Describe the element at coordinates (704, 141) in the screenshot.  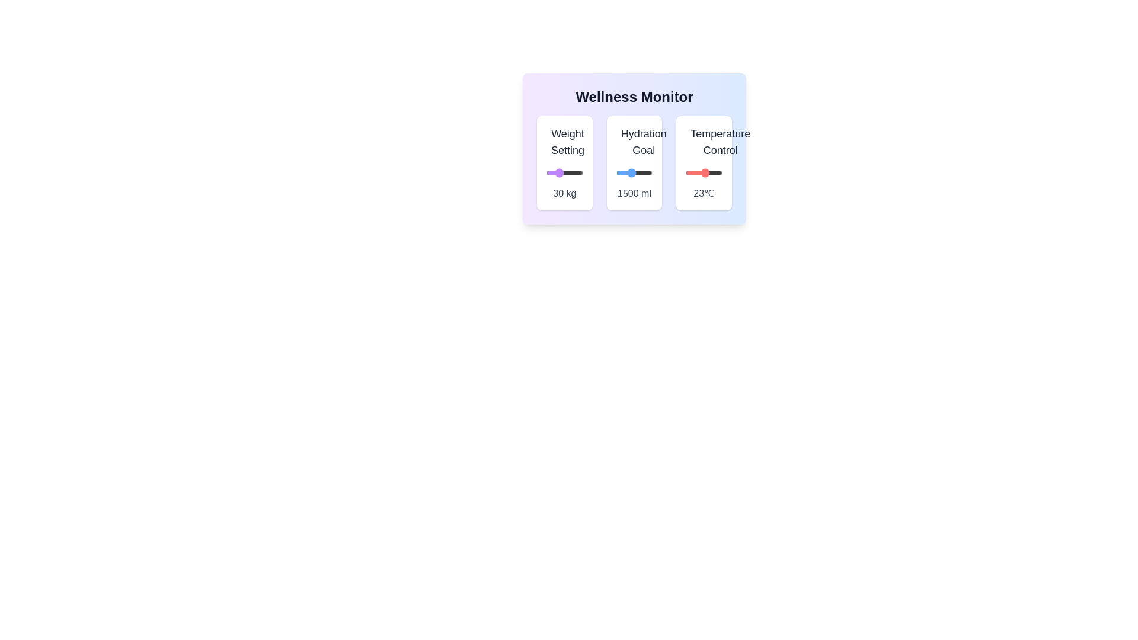
I see `the Text Label that describes the purpose of the temperature control interface, positioned below a thermometer icon and above a slider and temperature indicator ('23℃')` at that location.